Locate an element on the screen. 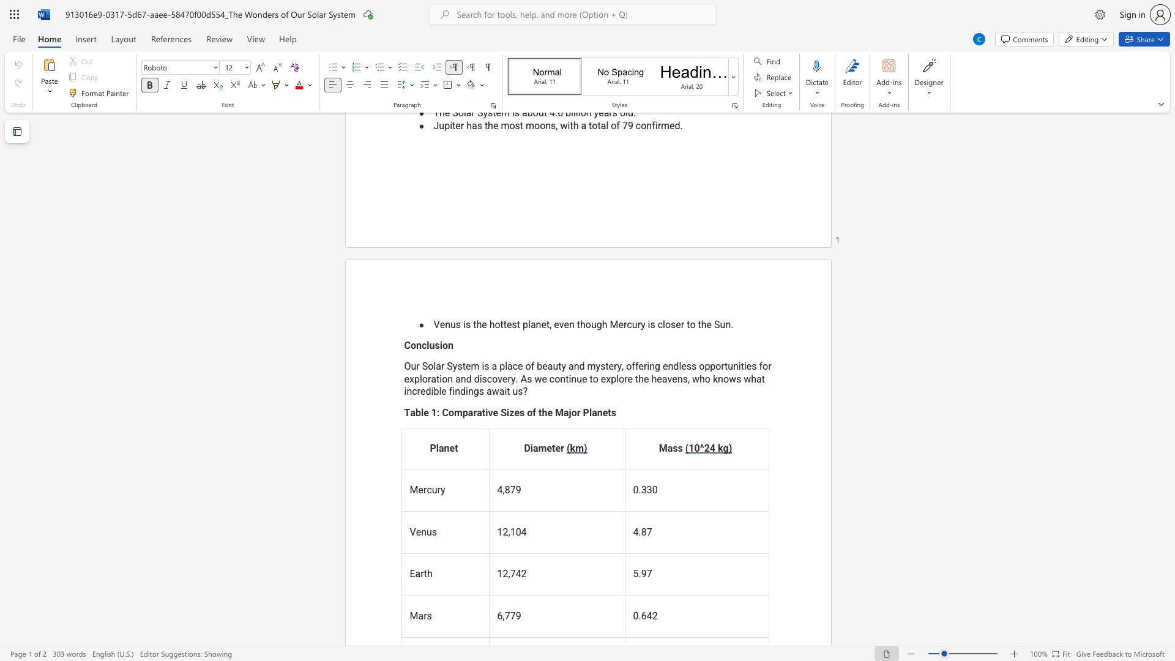 This screenshot has width=1175, height=661. the subset text "ve Sizes of the Major Plan" within the text "Table 1: Comparative Sizes of the Major Planets" is located at coordinates (487, 413).